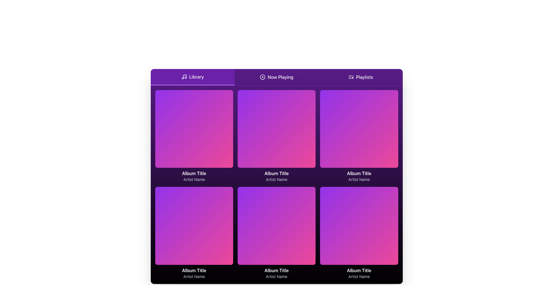  I want to click on the album cover visual representation located in the second row, first column of the album grid, so click(194, 226).